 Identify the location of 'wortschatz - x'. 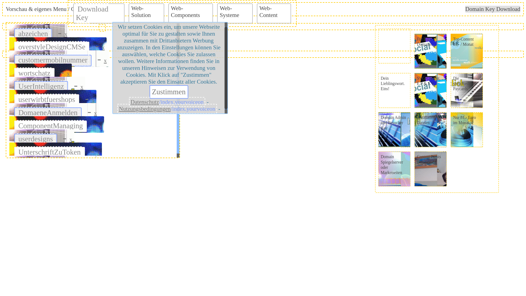
(40, 72).